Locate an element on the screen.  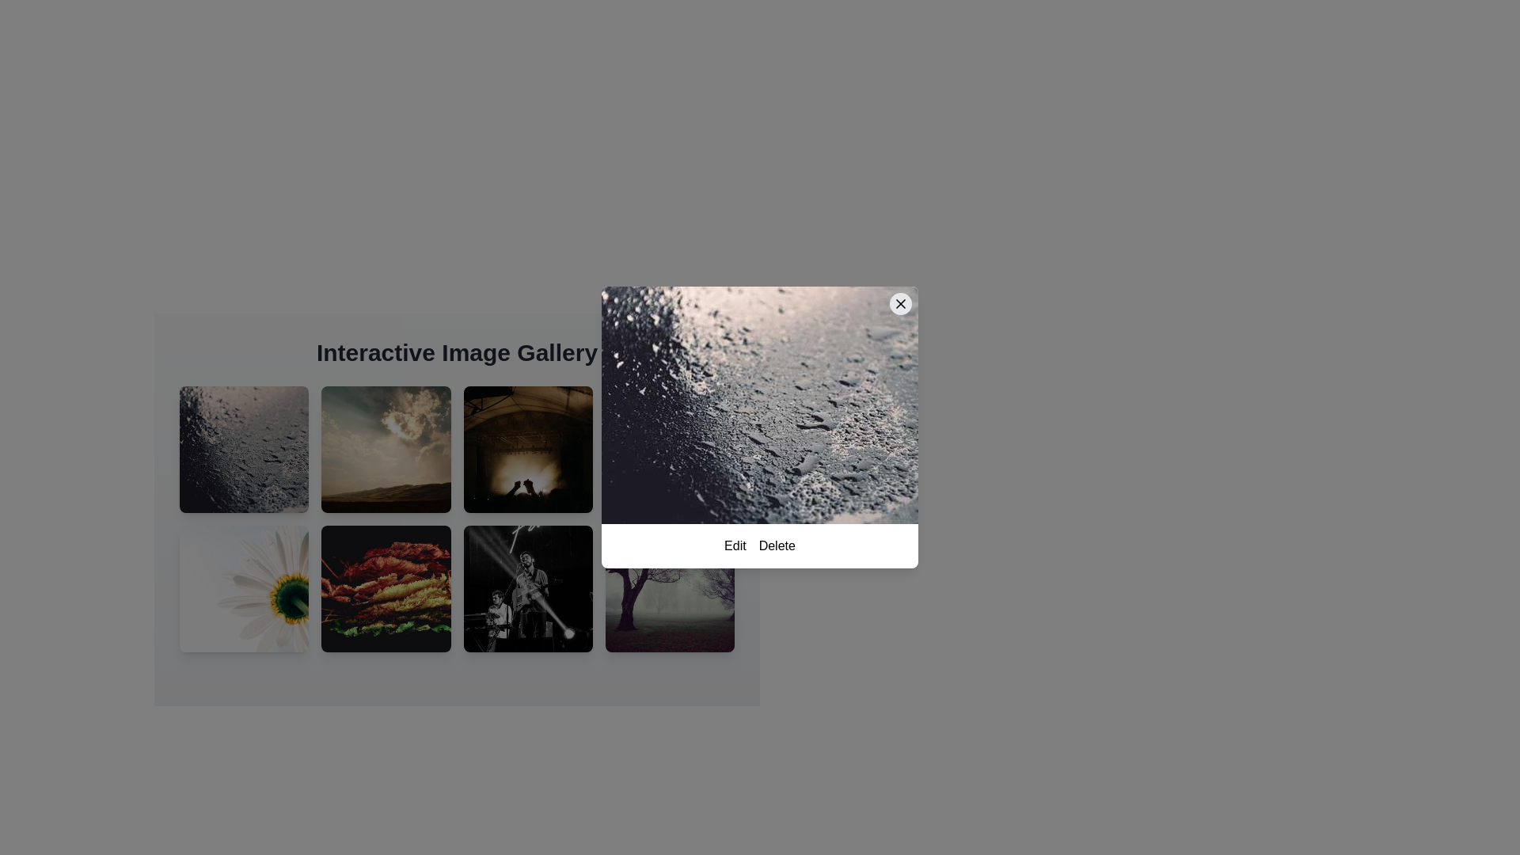
the close button with 'X' icon located at the top-right corner of the floating image modal is located at coordinates (900, 304).